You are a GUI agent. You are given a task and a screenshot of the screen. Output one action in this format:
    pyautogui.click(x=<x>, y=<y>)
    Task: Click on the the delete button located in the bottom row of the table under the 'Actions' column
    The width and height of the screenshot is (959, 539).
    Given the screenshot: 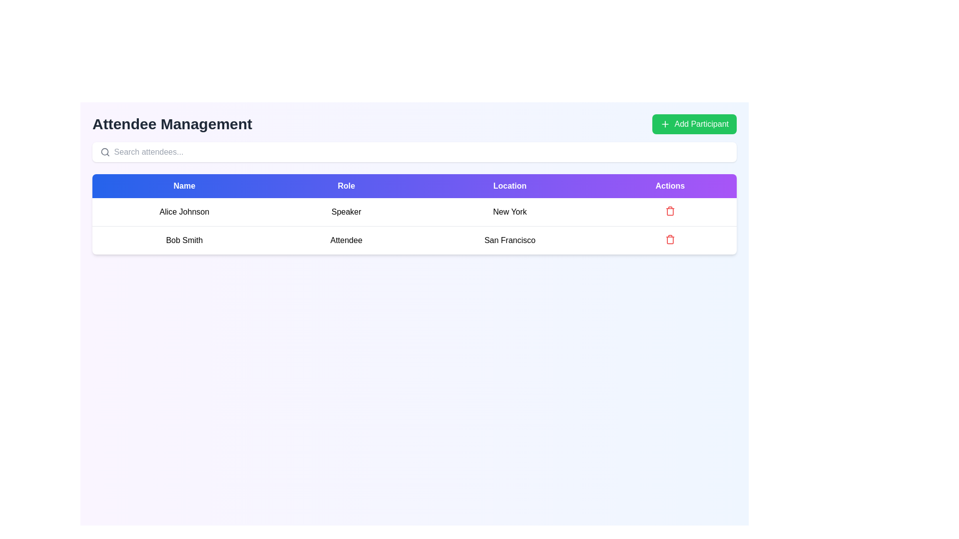 What is the action you would take?
    pyautogui.click(x=670, y=211)
    